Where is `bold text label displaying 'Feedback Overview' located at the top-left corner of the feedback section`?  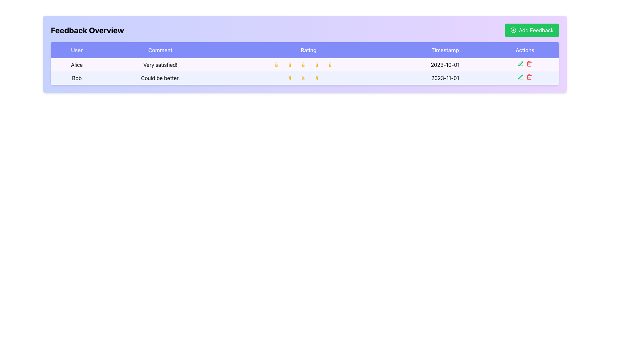
bold text label displaying 'Feedback Overview' located at the top-left corner of the feedback section is located at coordinates (87, 30).